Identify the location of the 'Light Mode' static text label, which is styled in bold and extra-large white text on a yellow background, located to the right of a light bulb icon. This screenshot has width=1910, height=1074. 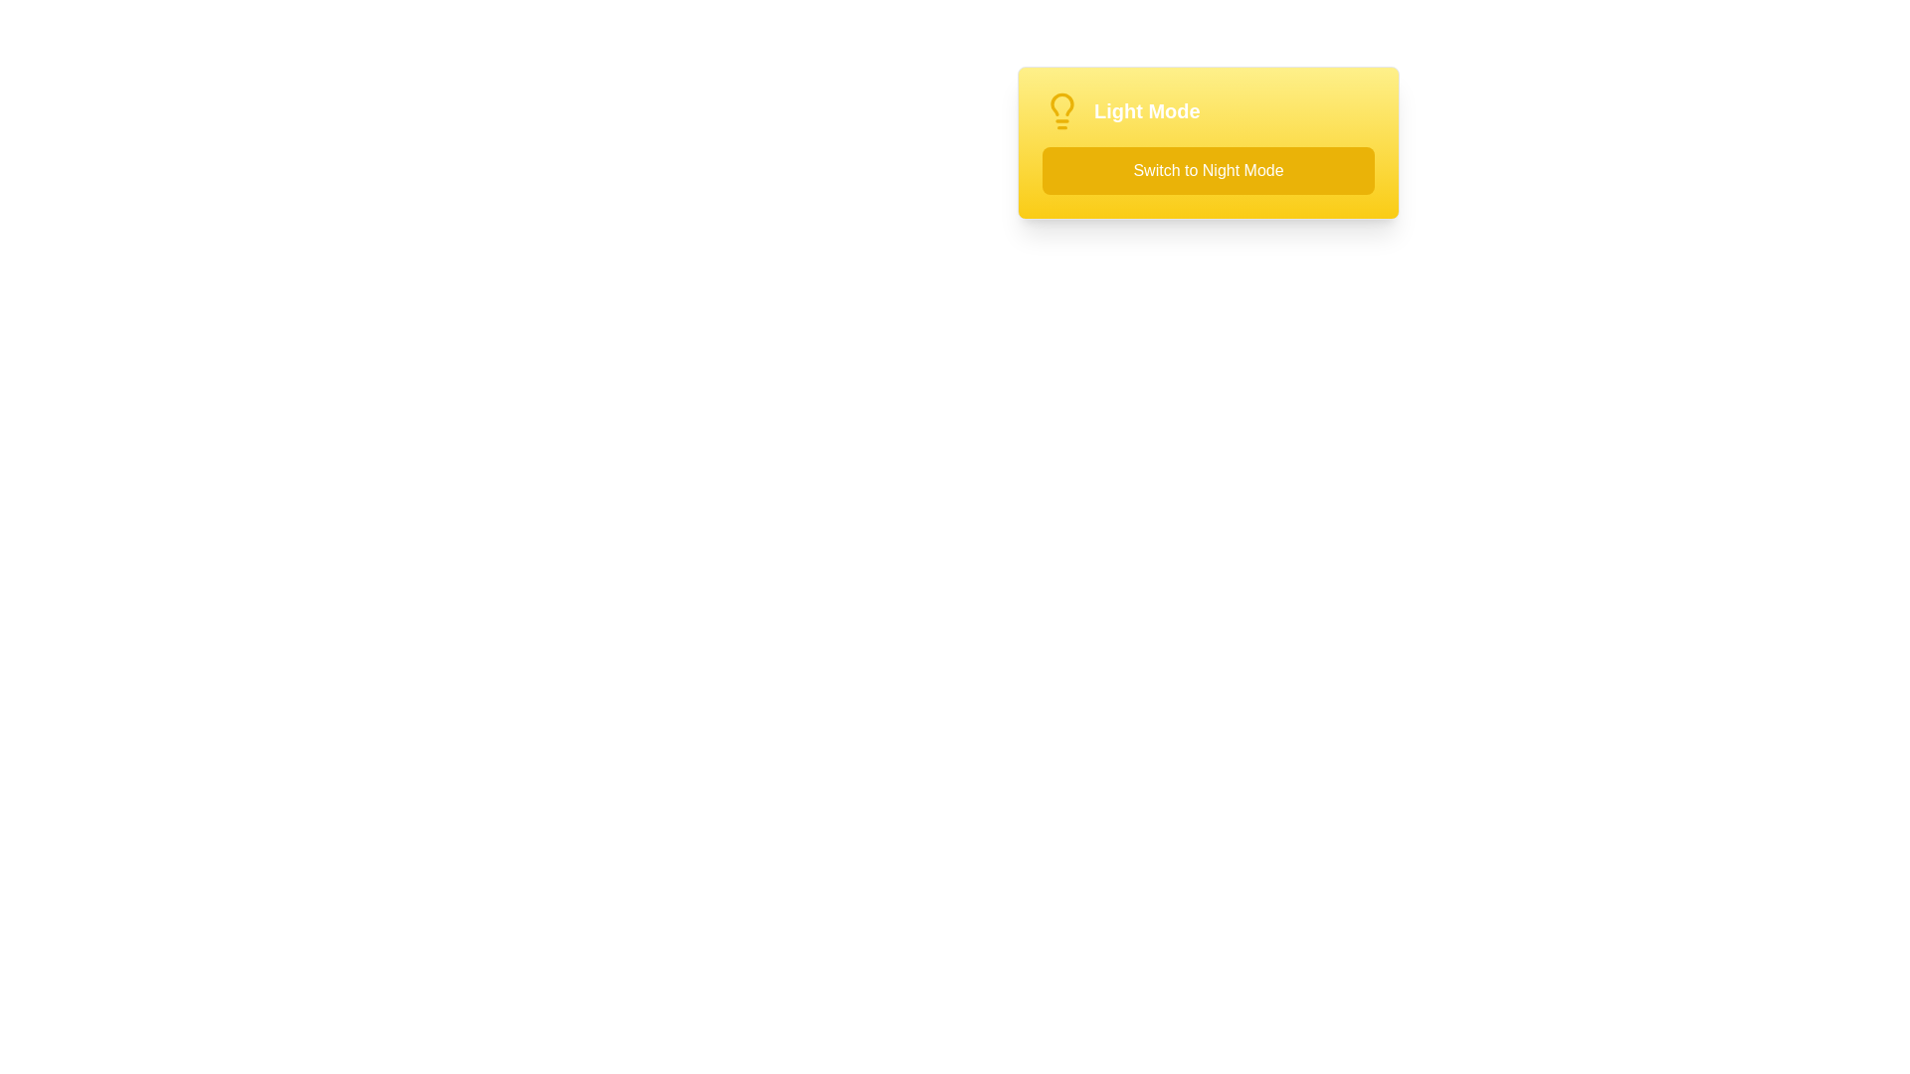
(1147, 110).